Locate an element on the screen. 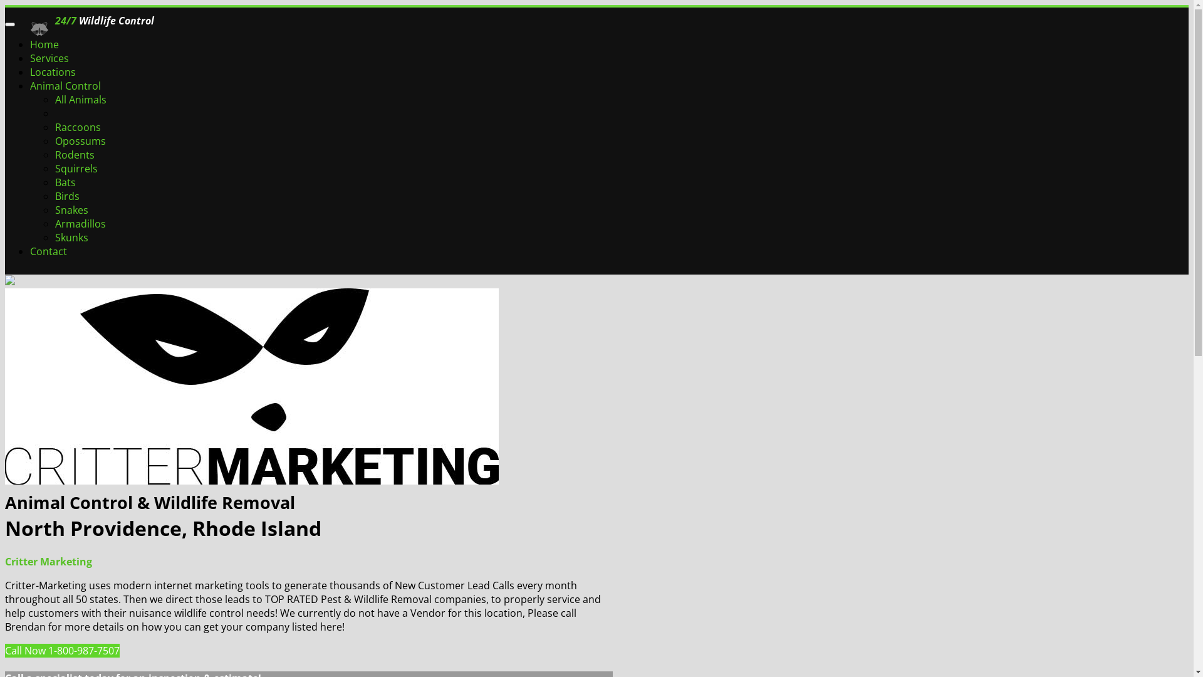 The image size is (1203, 677). 'Armadillos' is located at coordinates (80, 223).